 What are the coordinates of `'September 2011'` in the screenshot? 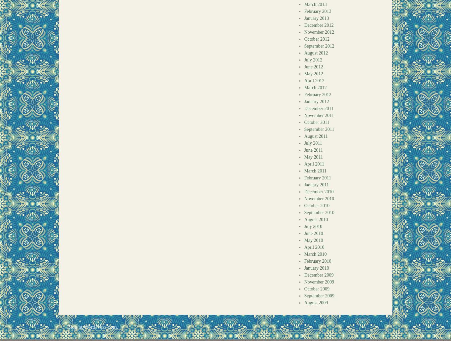 It's located at (319, 129).